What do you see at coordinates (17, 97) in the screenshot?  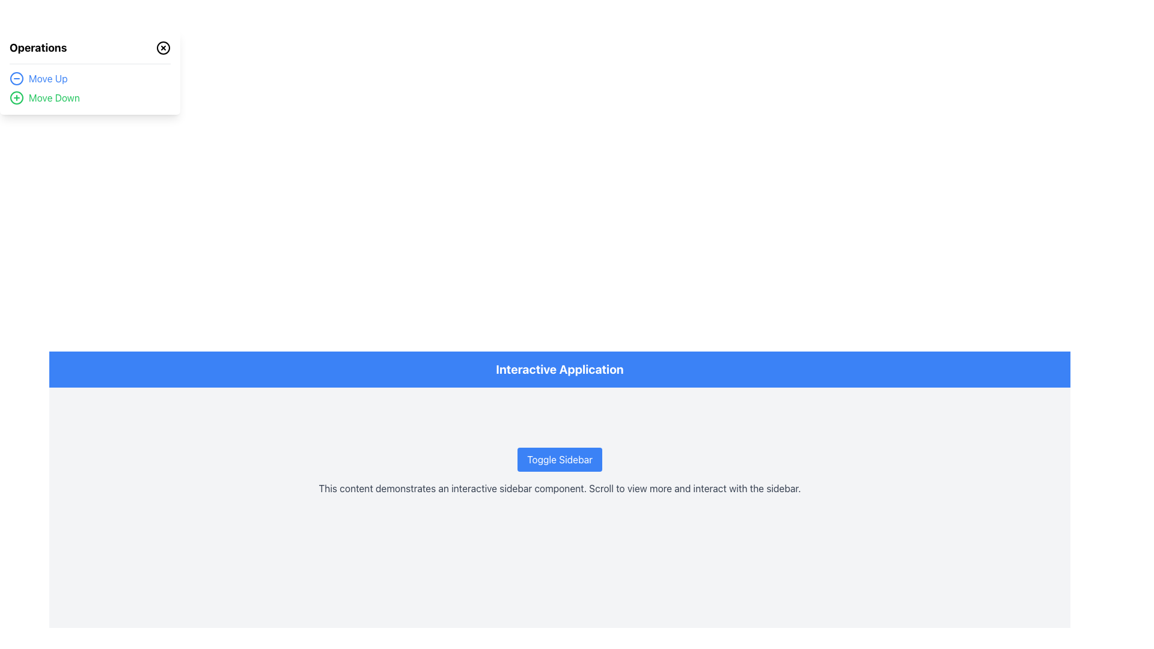 I see `the outermost circle of the 'Move Down' icon in the top-left corner of the interface` at bounding box center [17, 97].